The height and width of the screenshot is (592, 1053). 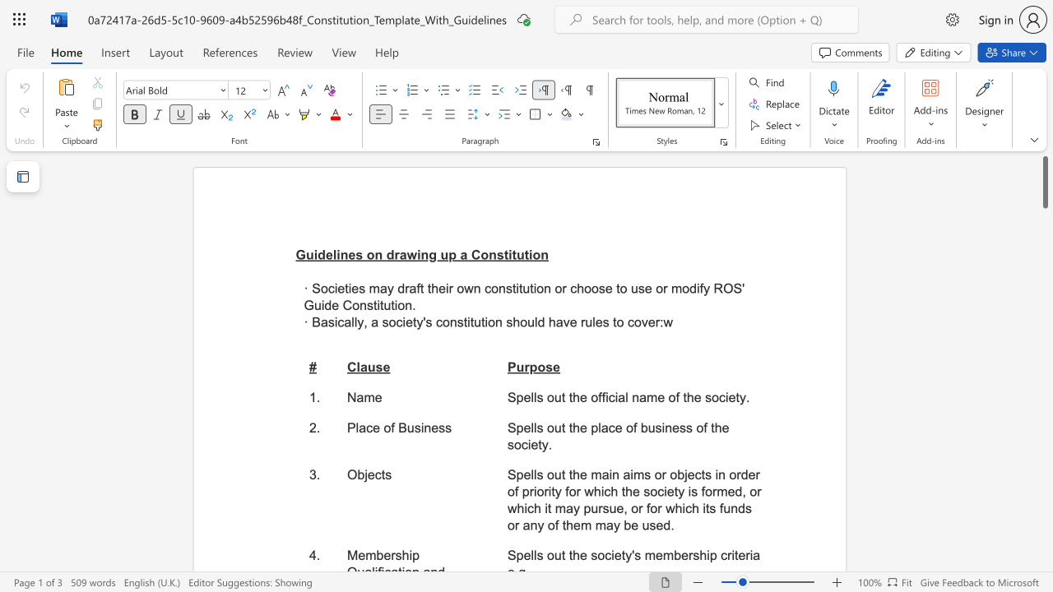 What do you see at coordinates (1044, 395) in the screenshot?
I see `the right-hand scrollbar to descend the page` at bounding box center [1044, 395].